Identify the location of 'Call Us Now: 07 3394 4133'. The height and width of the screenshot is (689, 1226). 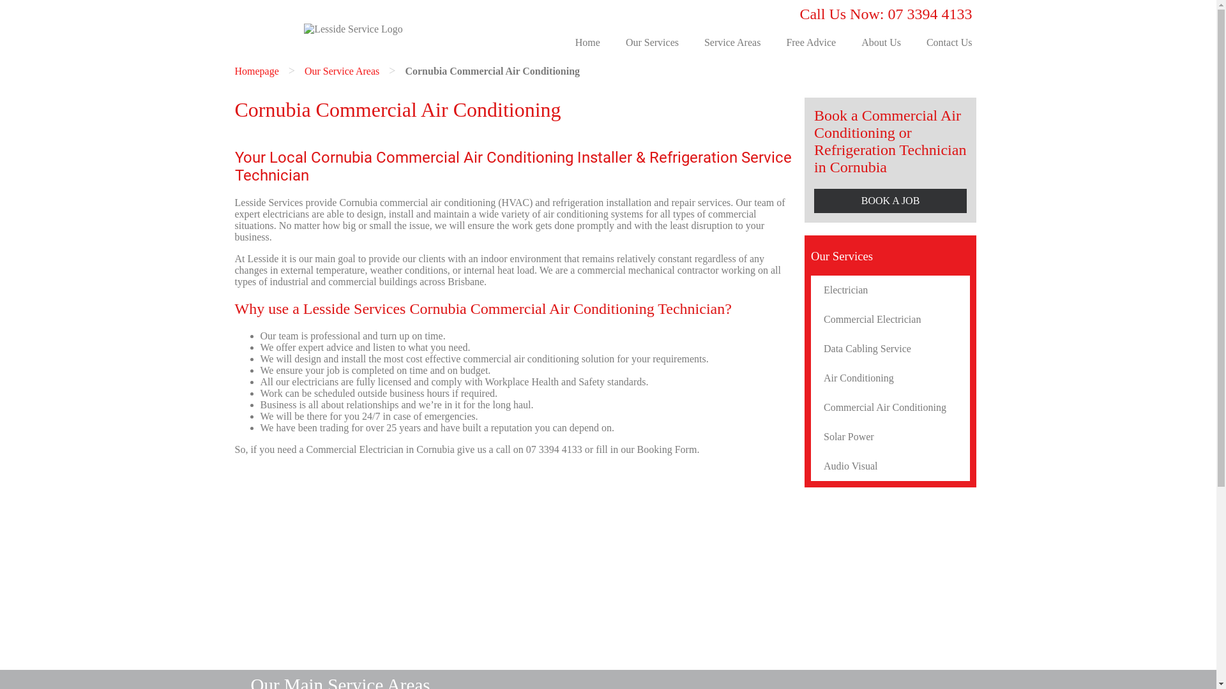
(885, 14).